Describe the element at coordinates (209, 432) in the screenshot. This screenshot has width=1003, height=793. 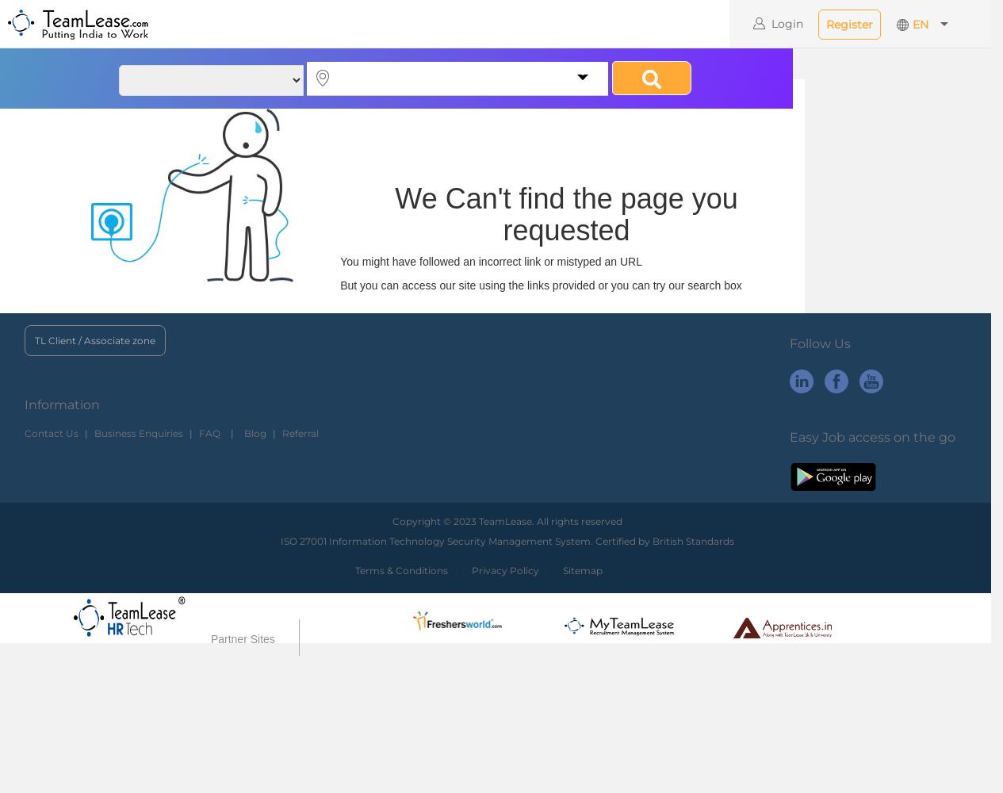
I see `'FAQ'` at that location.